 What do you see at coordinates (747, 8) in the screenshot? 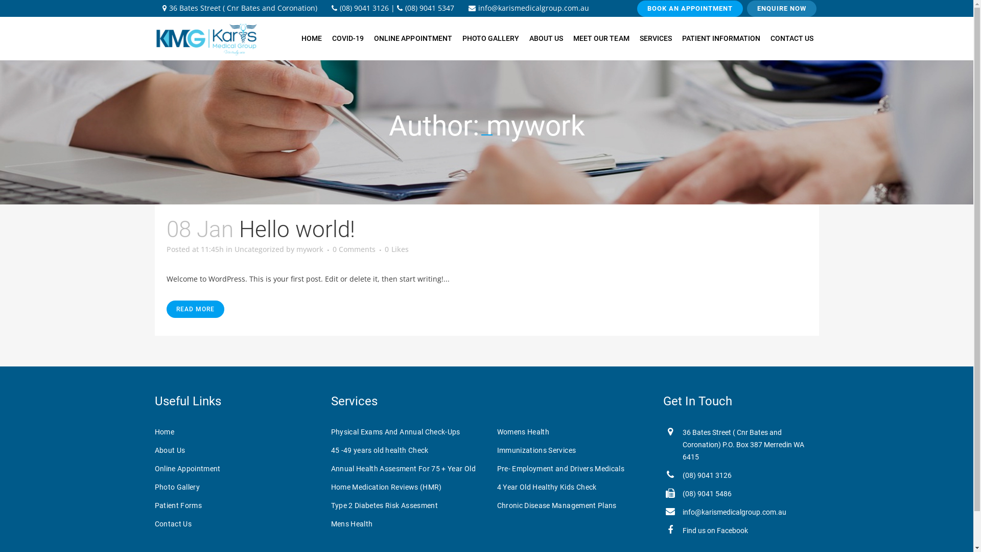
I see `'ENQUIRE NOW'` at bounding box center [747, 8].